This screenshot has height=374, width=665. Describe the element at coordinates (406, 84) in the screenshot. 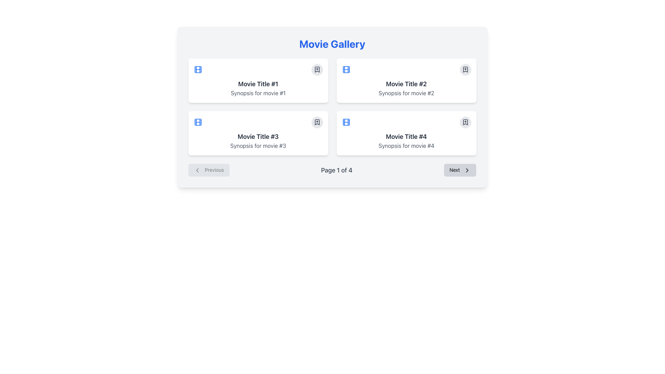

I see `the Static Text element displaying 'Movie Title #2', which is located at the top-center of a card in the second column of the first row of a grid layout` at that location.